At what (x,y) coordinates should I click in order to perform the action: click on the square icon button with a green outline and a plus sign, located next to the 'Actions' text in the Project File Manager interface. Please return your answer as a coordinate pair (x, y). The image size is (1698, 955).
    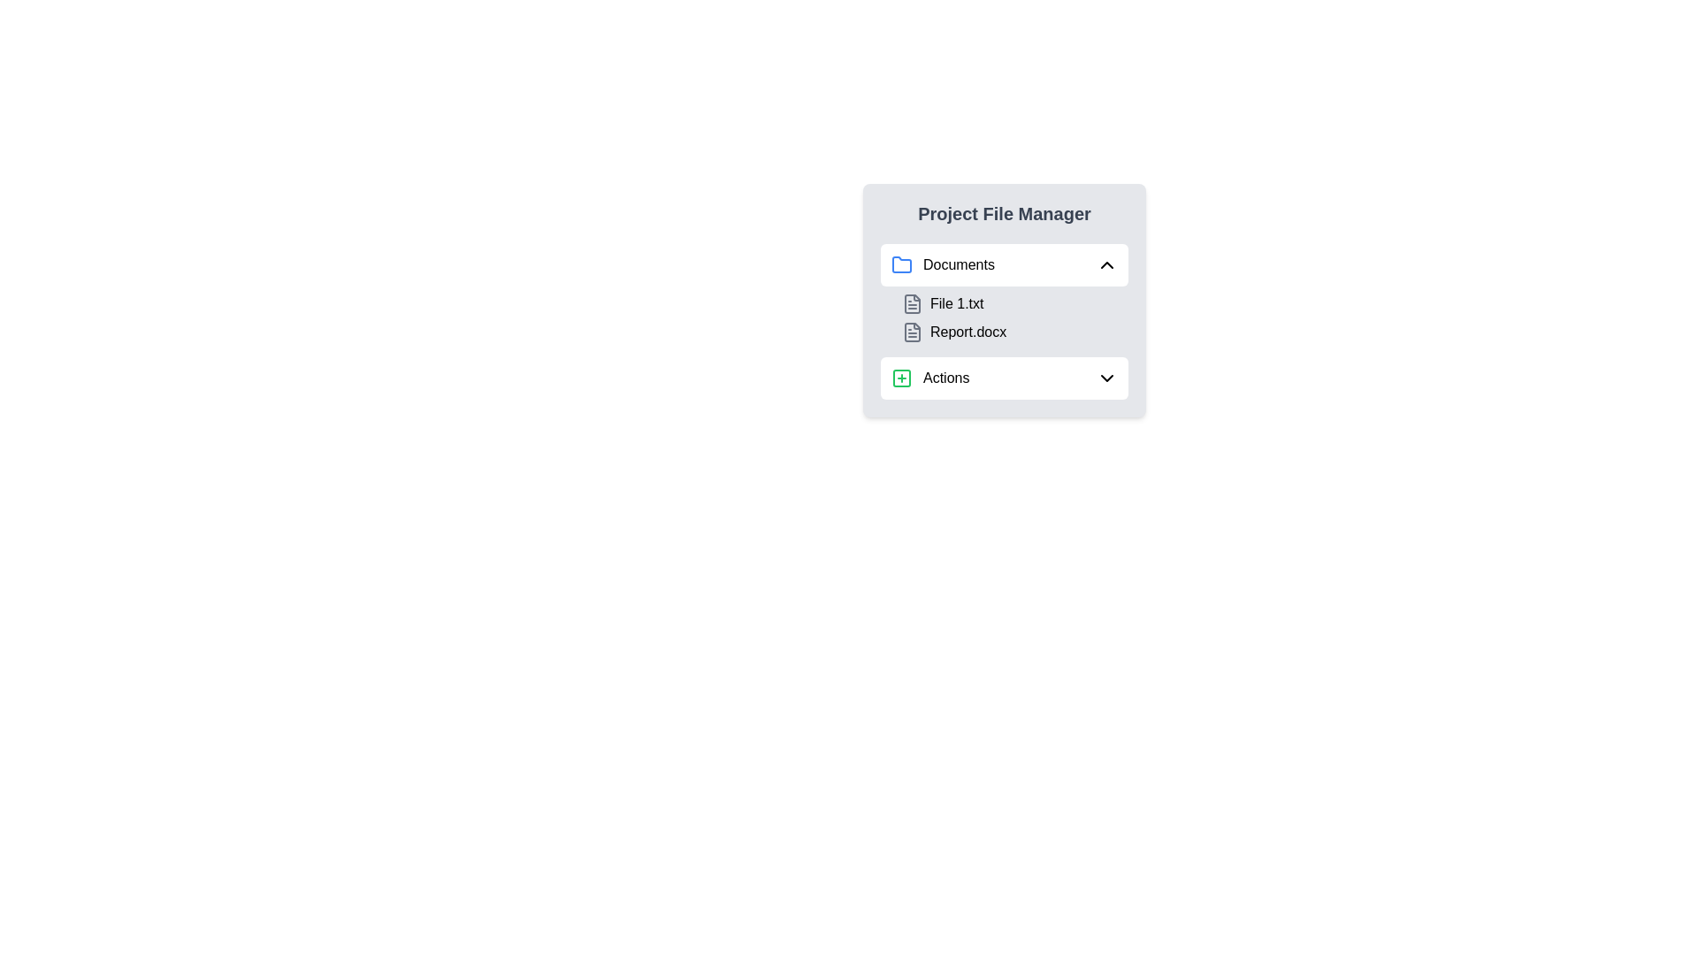
    Looking at the image, I should click on (901, 378).